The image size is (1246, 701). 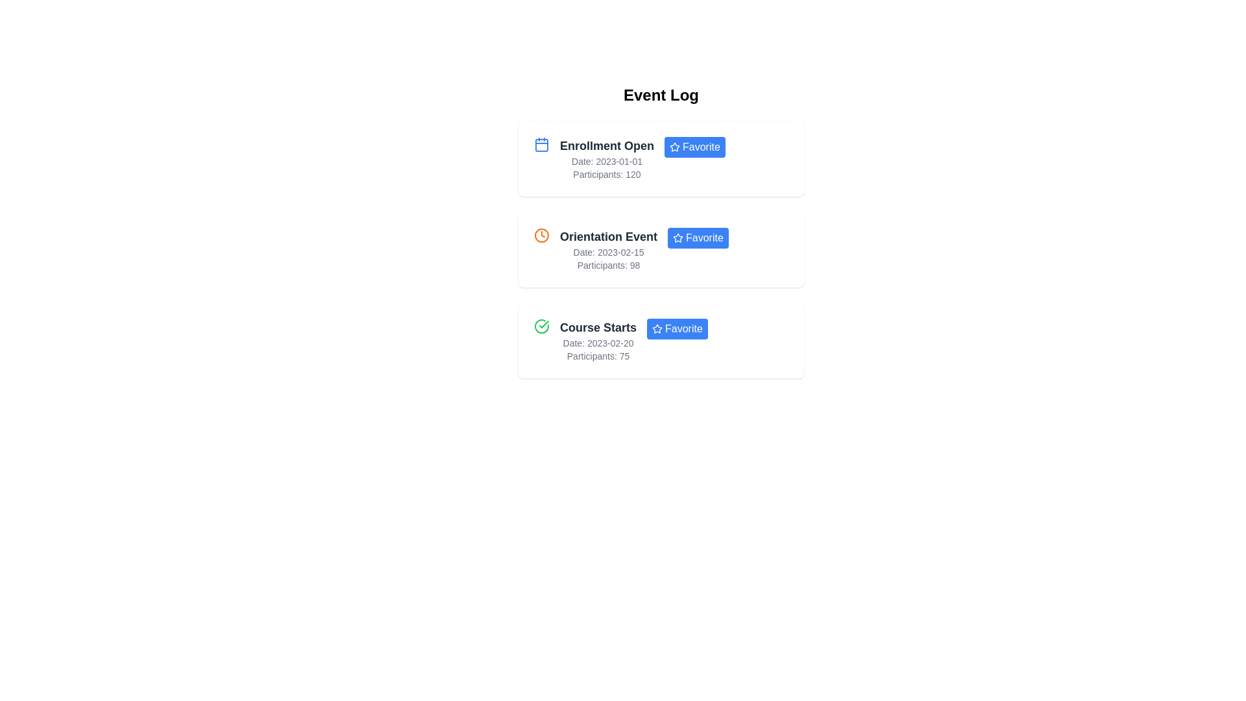 What do you see at coordinates (542, 325) in the screenshot?
I see `the circular checkmark icon with a green outline and a white interior, located to the left of the text 'Course Starts'` at bounding box center [542, 325].